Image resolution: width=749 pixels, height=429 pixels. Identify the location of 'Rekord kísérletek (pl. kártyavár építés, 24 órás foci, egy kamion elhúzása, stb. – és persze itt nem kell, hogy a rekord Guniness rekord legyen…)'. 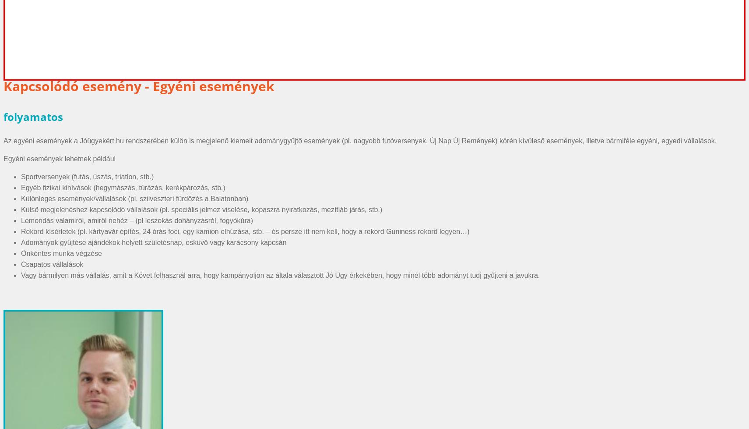
(21, 230).